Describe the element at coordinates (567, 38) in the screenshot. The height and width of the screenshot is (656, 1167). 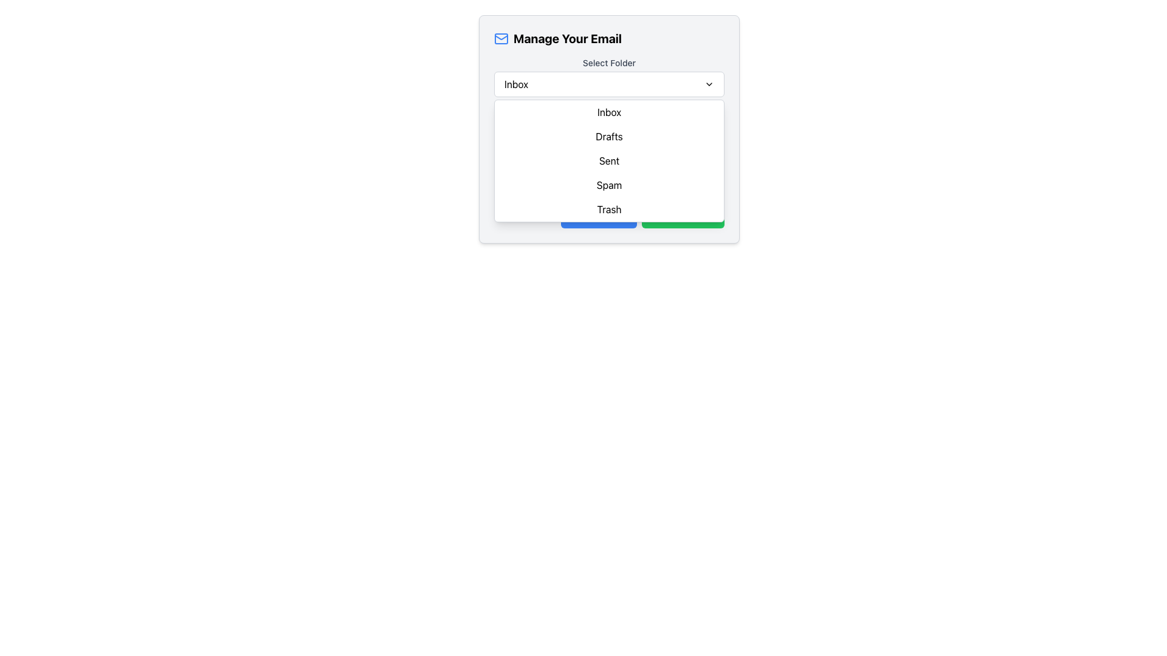
I see `text from the header label indicating the purpose of the interface, which is managing email-related tasks, located at the top-center of the UI` at that location.